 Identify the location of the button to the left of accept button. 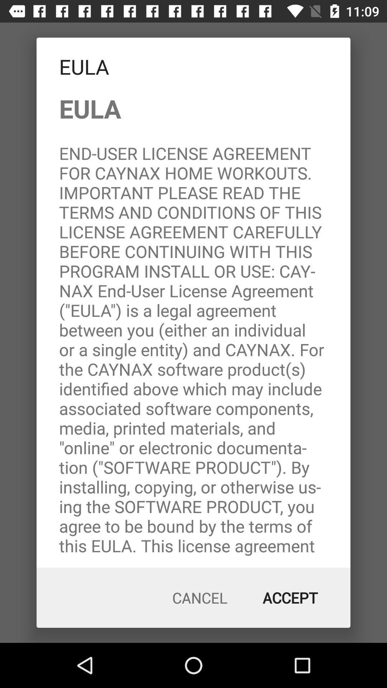
(200, 598).